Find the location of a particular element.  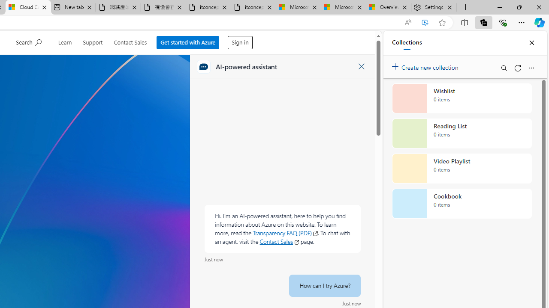

'Overview' is located at coordinates (388, 7).